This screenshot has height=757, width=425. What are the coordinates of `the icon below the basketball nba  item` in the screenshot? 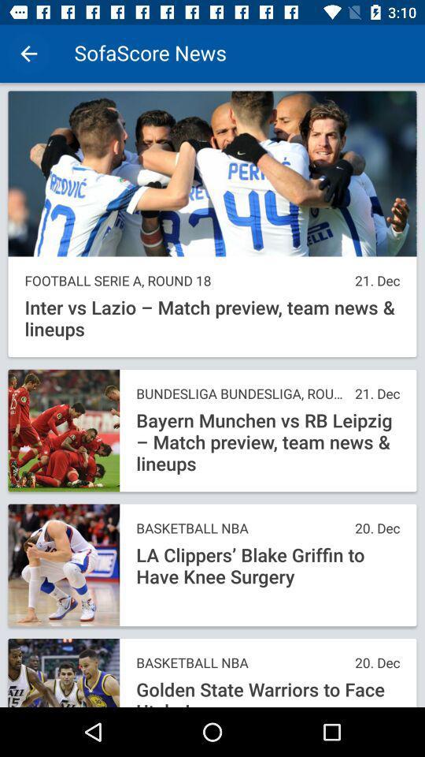 It's located at (267, 566).